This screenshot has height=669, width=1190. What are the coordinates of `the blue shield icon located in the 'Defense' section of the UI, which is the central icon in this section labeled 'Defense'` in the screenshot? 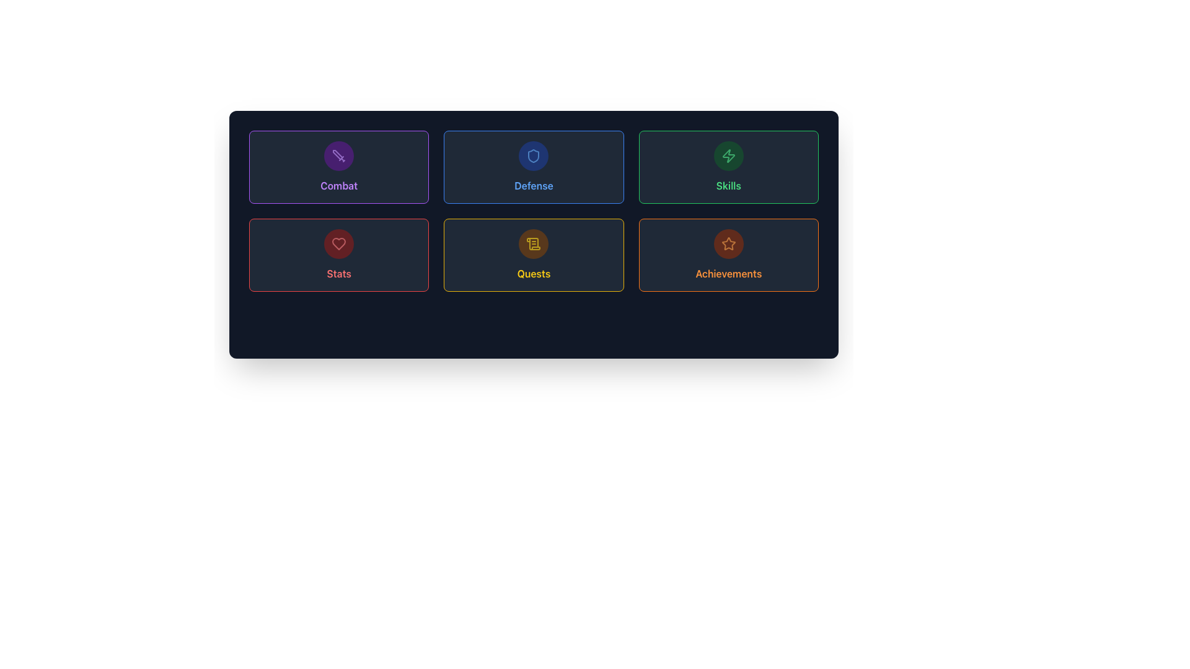 It's located at (534, 155).